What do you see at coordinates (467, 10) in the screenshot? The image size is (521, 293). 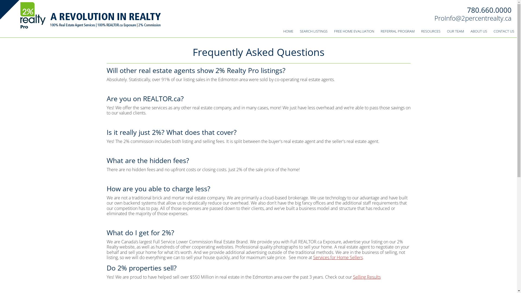 I see `'780.660.0000'` at bounding box center [467, 10].